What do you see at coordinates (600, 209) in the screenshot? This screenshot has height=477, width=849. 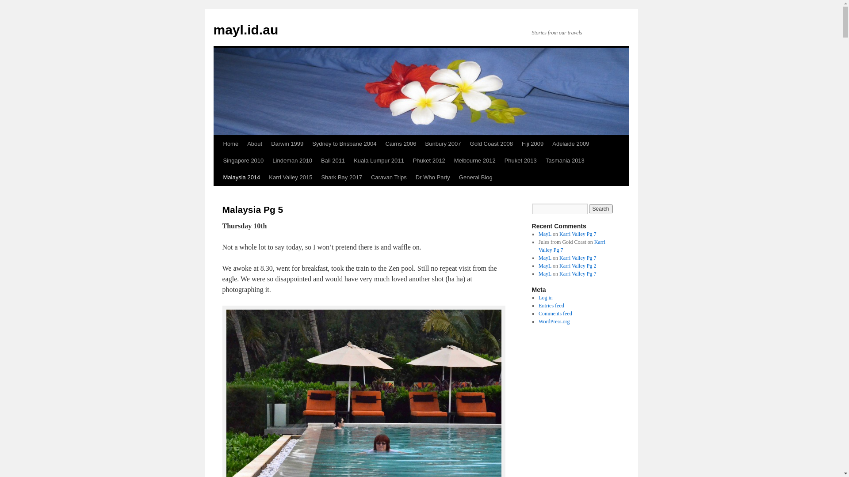 I see `'Search'` at bounding box center [600, 209].